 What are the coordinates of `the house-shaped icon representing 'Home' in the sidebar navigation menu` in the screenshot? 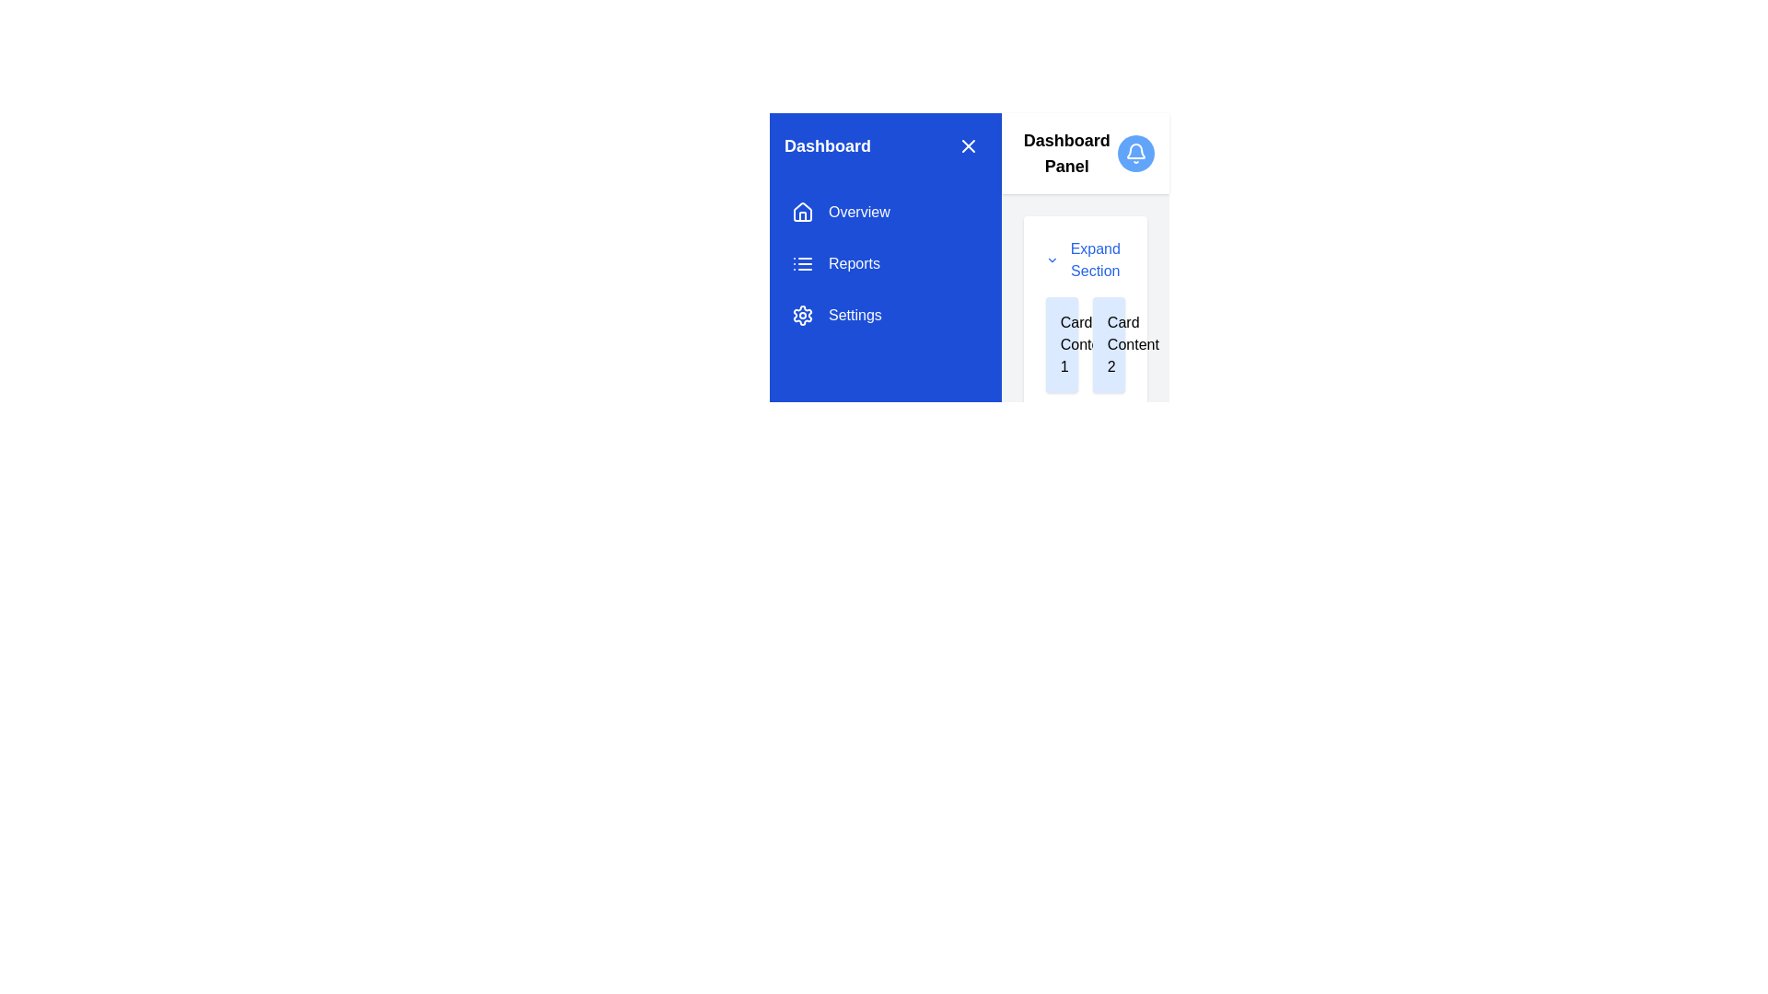 It's located at (803, 212).